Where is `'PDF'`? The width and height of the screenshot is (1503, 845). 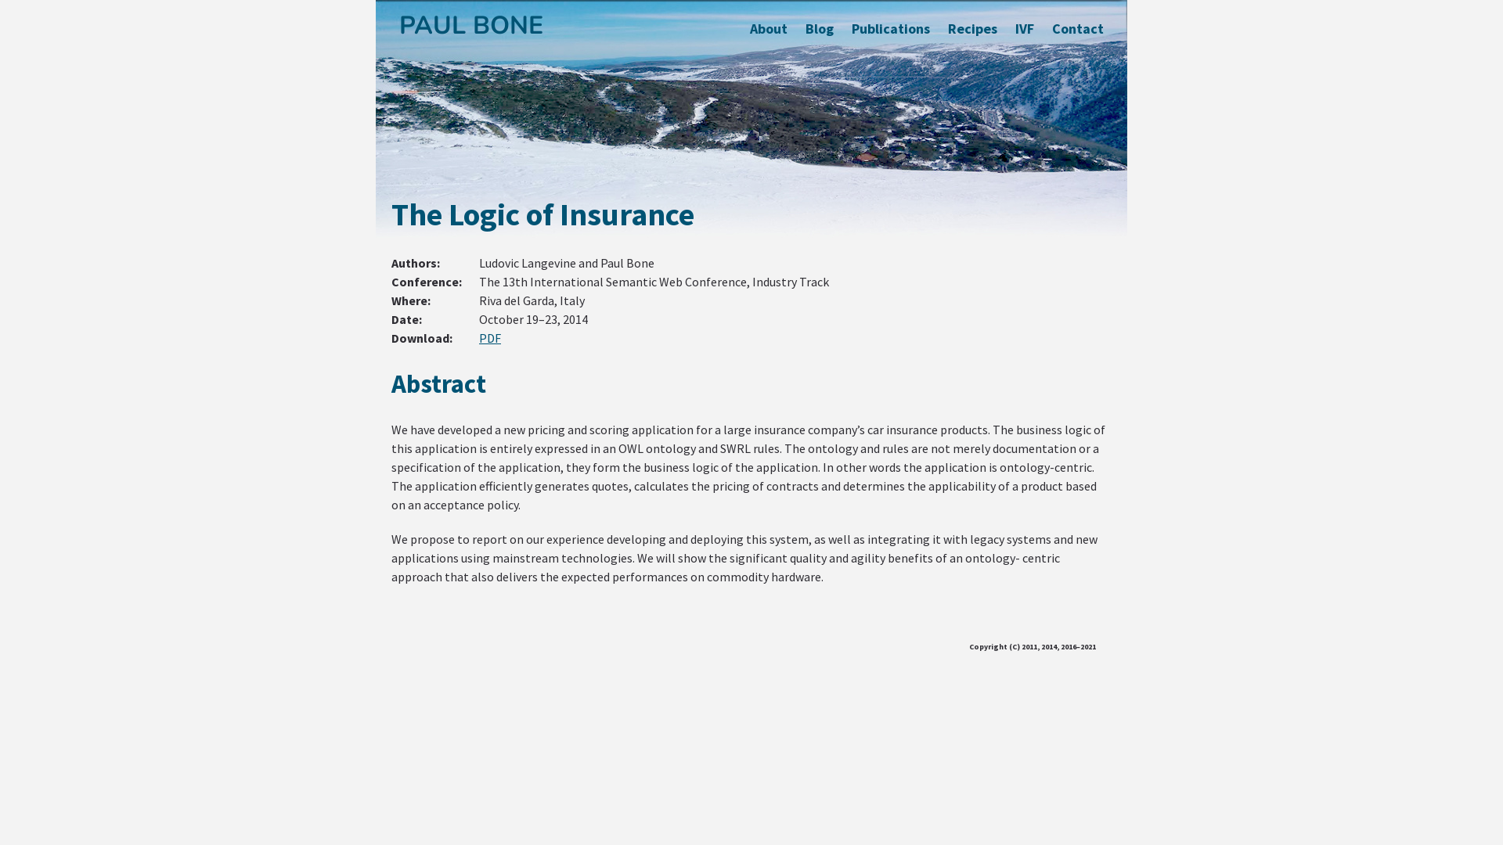
'PDF' is located at coordinates (478, 337).